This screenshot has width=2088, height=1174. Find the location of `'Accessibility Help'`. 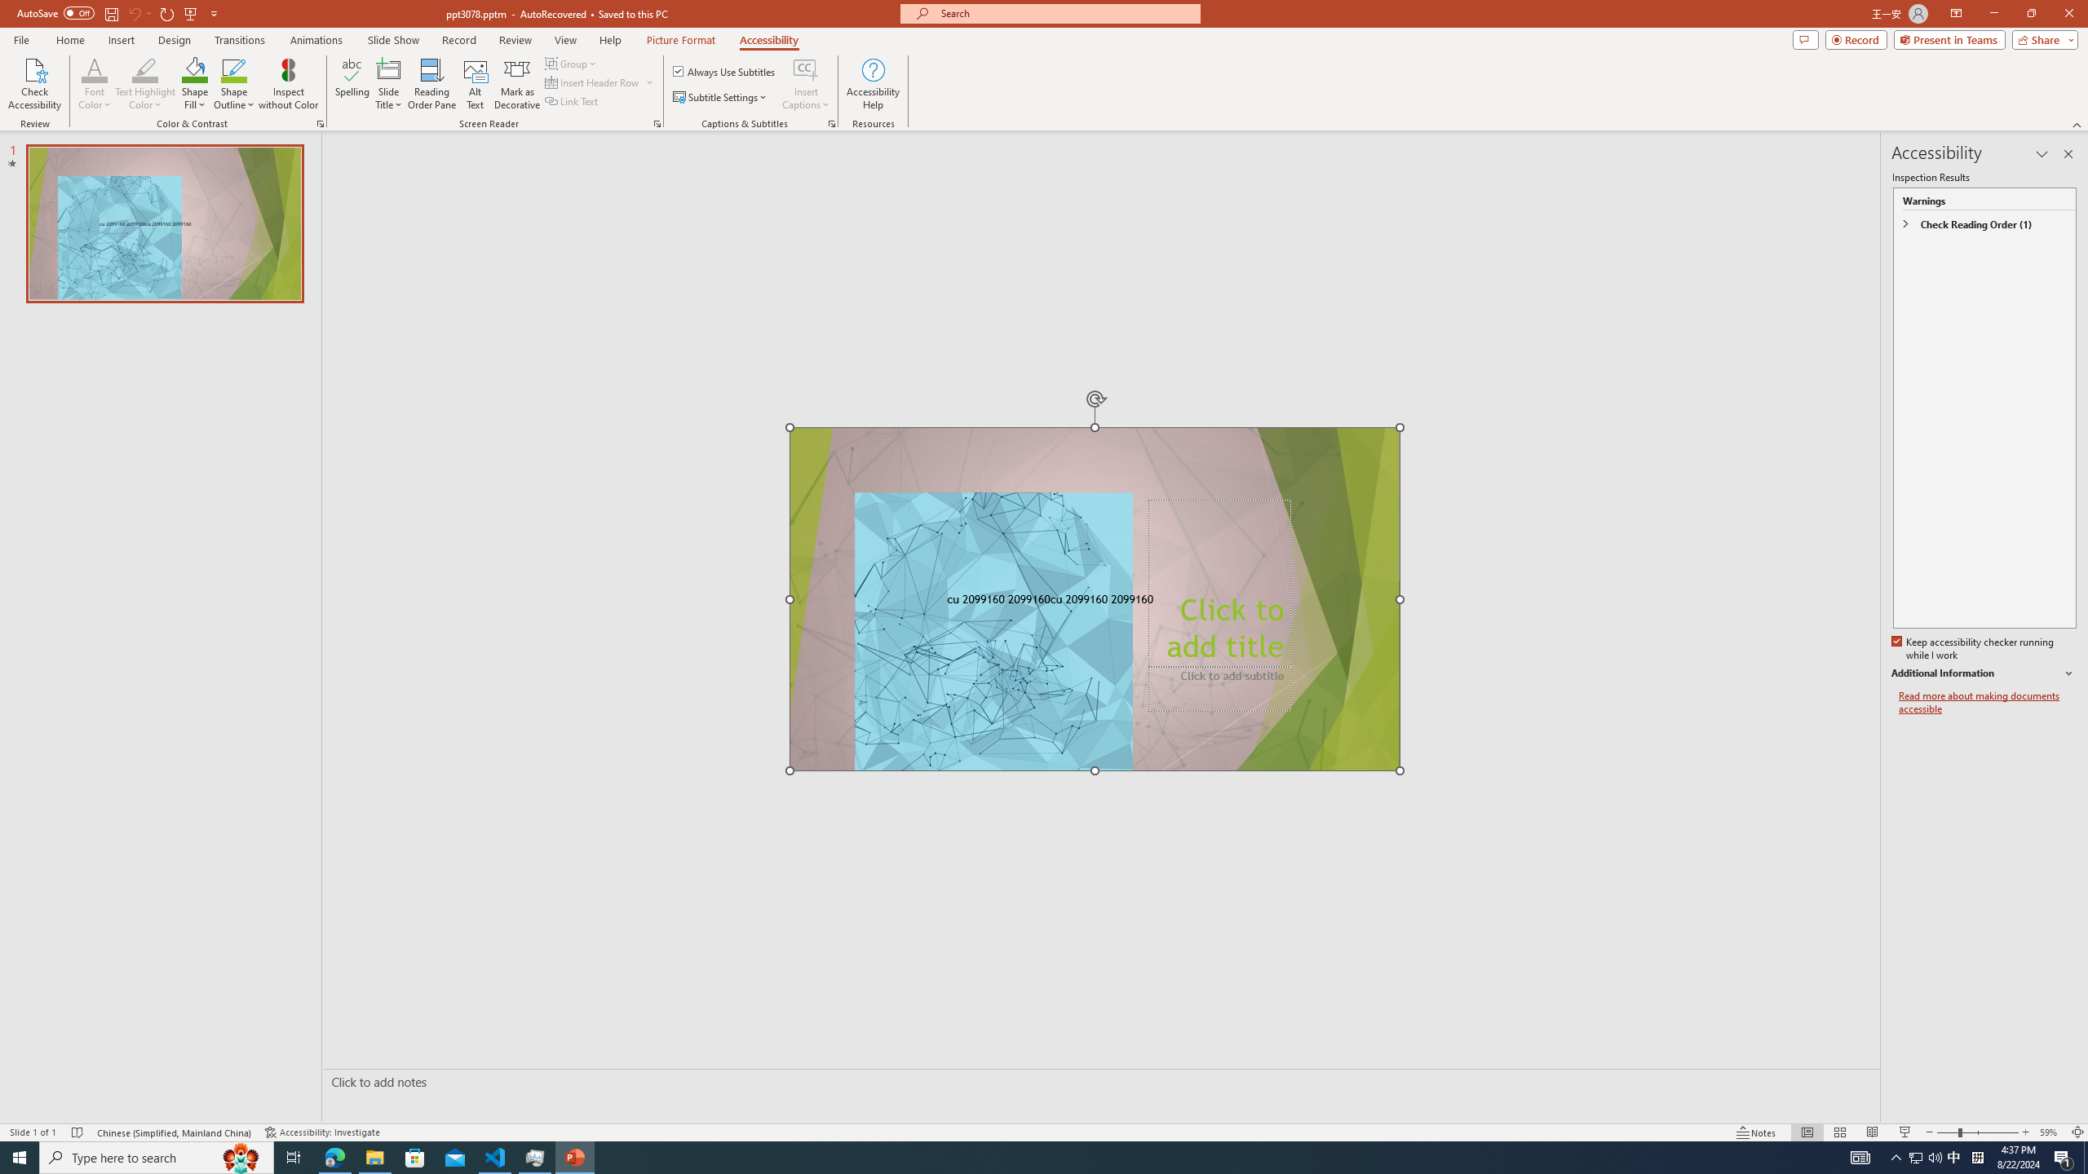

'Accessibility Help' is located at coordinates (874, 84).